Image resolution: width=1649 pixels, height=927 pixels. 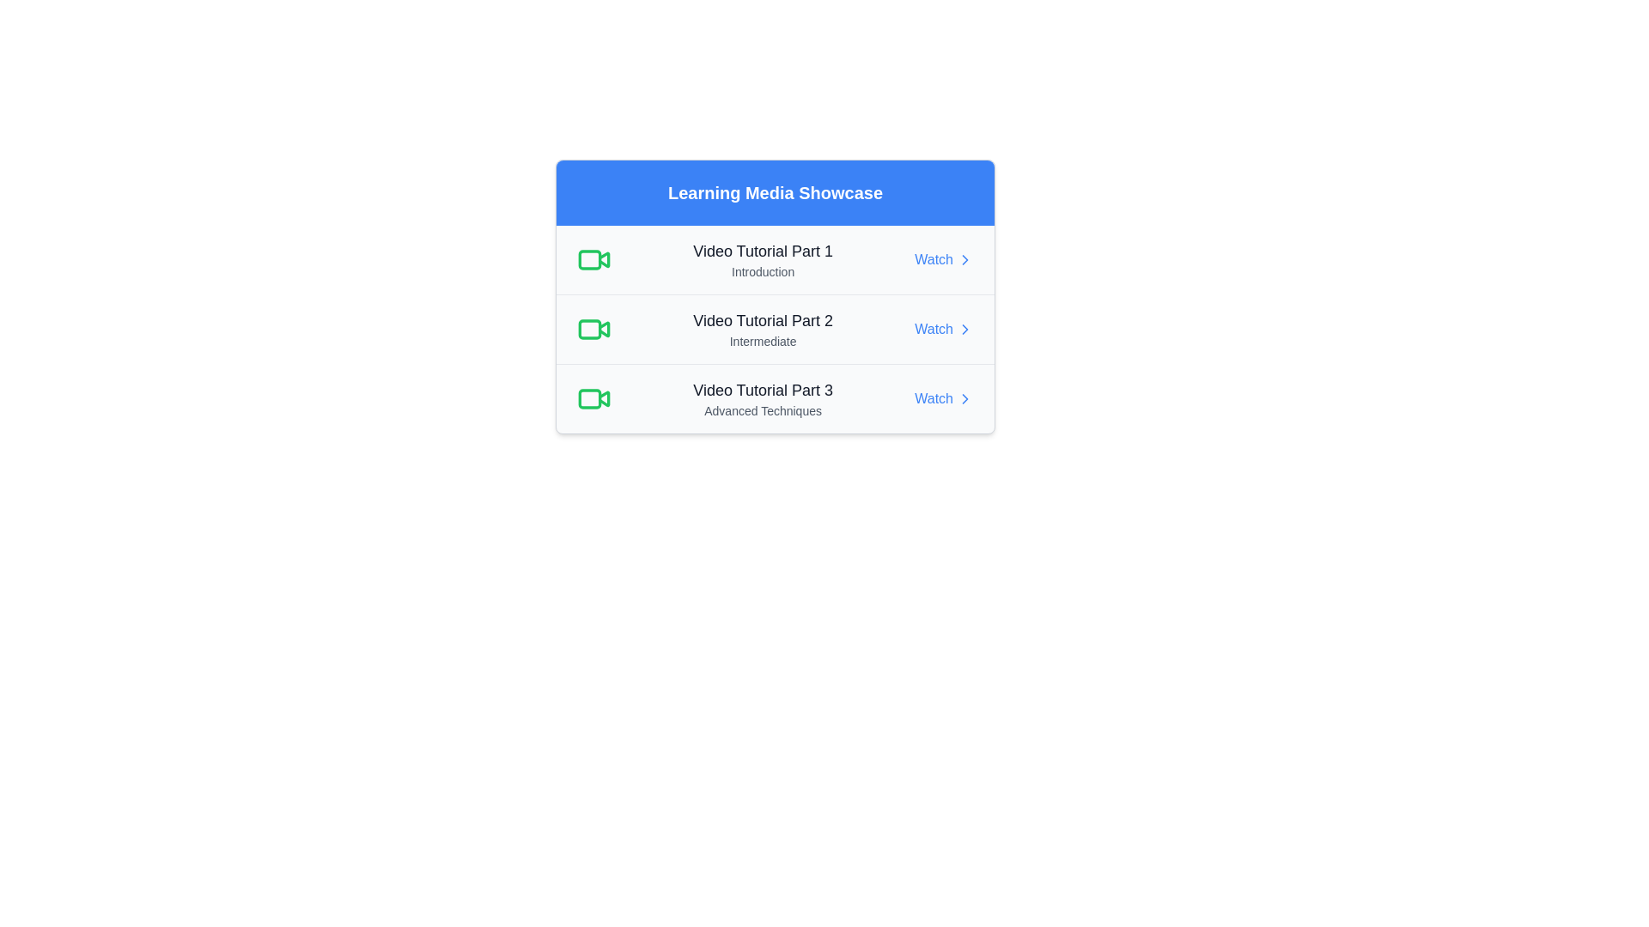 I want to click on the hyperlink with an accompanying icon located on the right side of the list item titled 'Video Tutorial Part 3', so click(x=943, y=399).